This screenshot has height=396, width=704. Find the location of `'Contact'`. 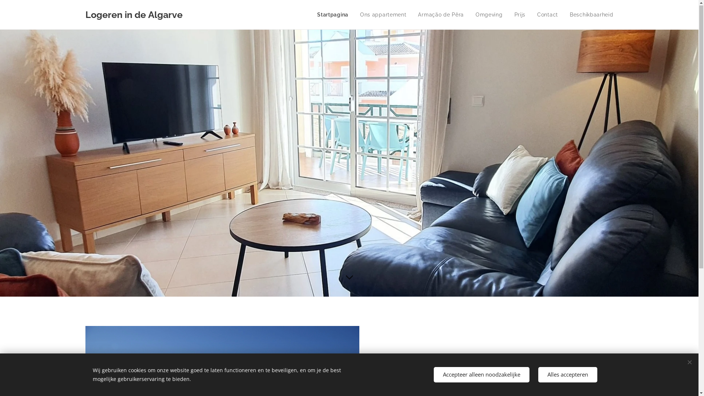

'Contact' is located at coordinates (531, 15).